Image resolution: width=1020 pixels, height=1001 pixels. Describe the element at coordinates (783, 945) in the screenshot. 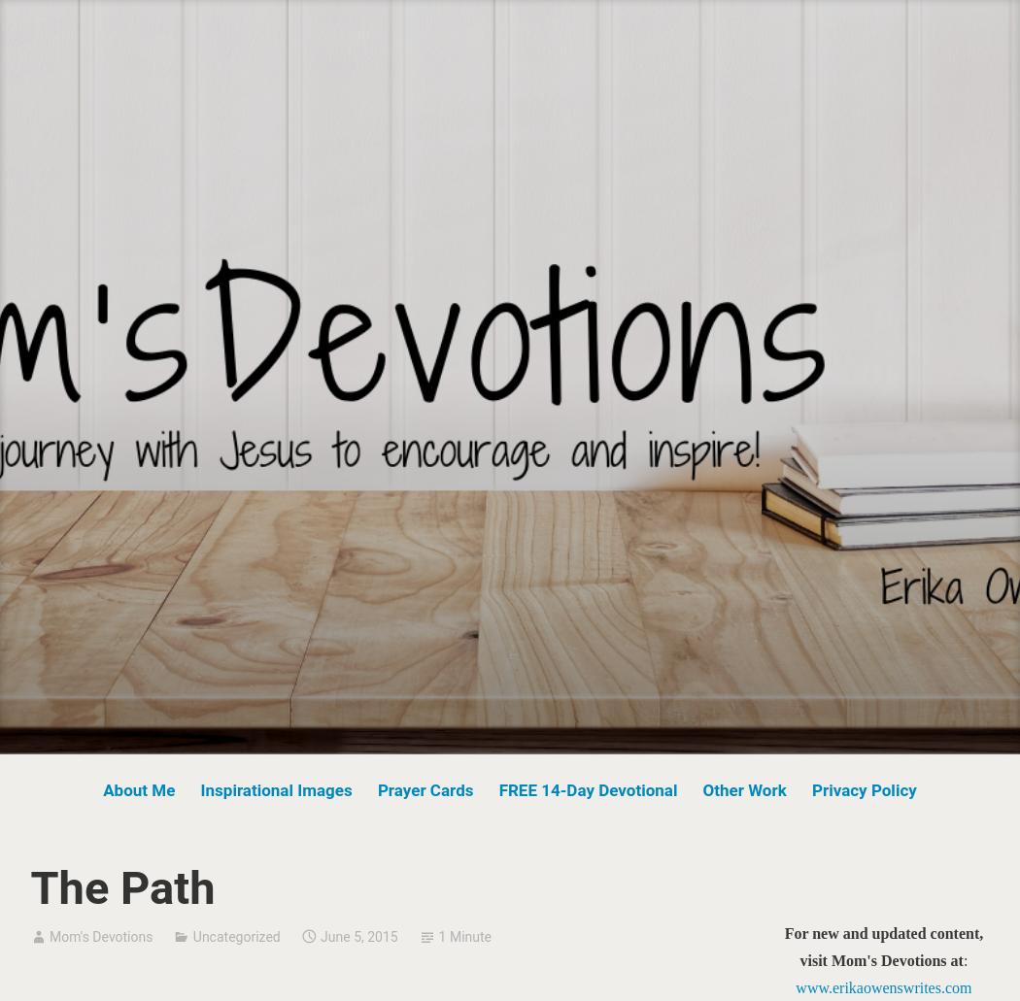

I see `'For new and updated content, visit Mom's Devotions at'` at that location.